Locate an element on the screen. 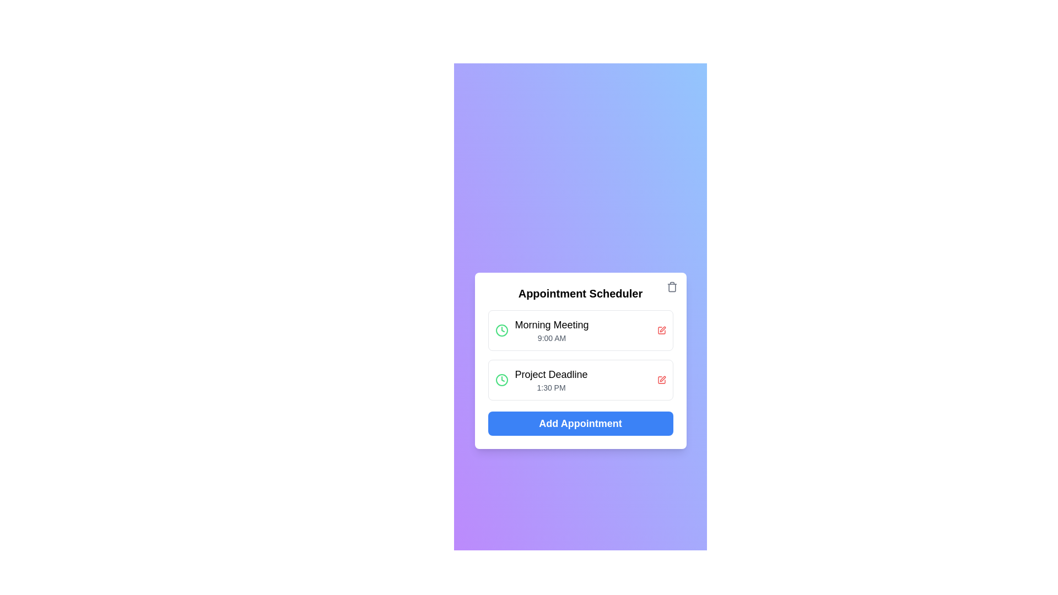 The height and width of the screenshot is (595, 1058). text label that serves as the header for the appointment item located in the second list item of the 'Appointment Scheduler' interface, positioned above the time indicator '1:30 PM' is located at coordinates (551, 374).